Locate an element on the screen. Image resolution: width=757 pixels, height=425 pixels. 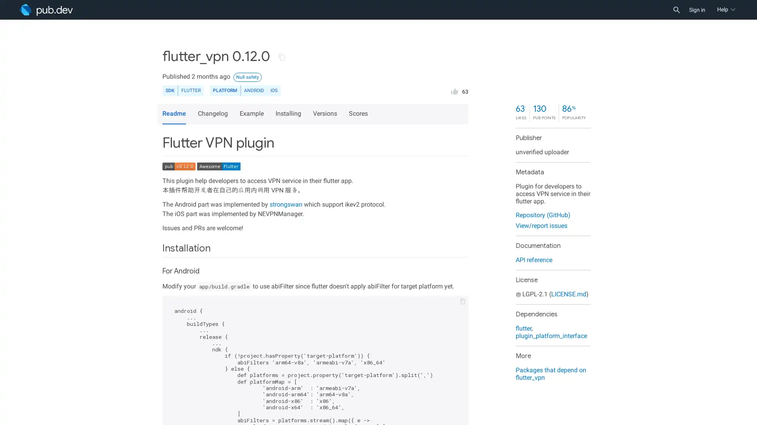
Readme is located at coordinates (173, 114).